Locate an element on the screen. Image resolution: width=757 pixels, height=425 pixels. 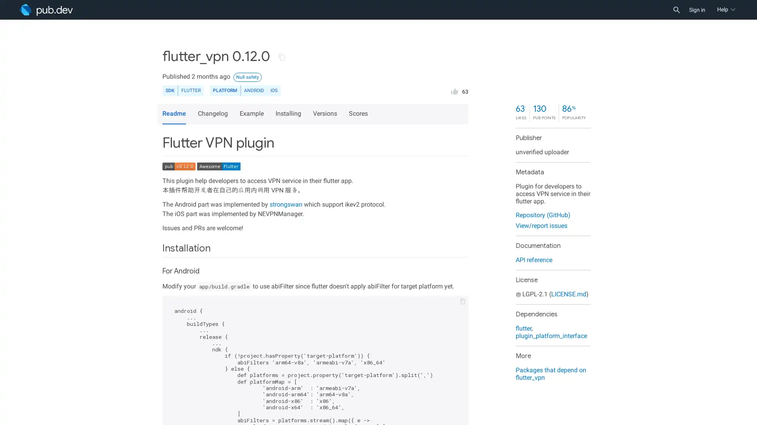
Readme is located at coordinates (173, 114).